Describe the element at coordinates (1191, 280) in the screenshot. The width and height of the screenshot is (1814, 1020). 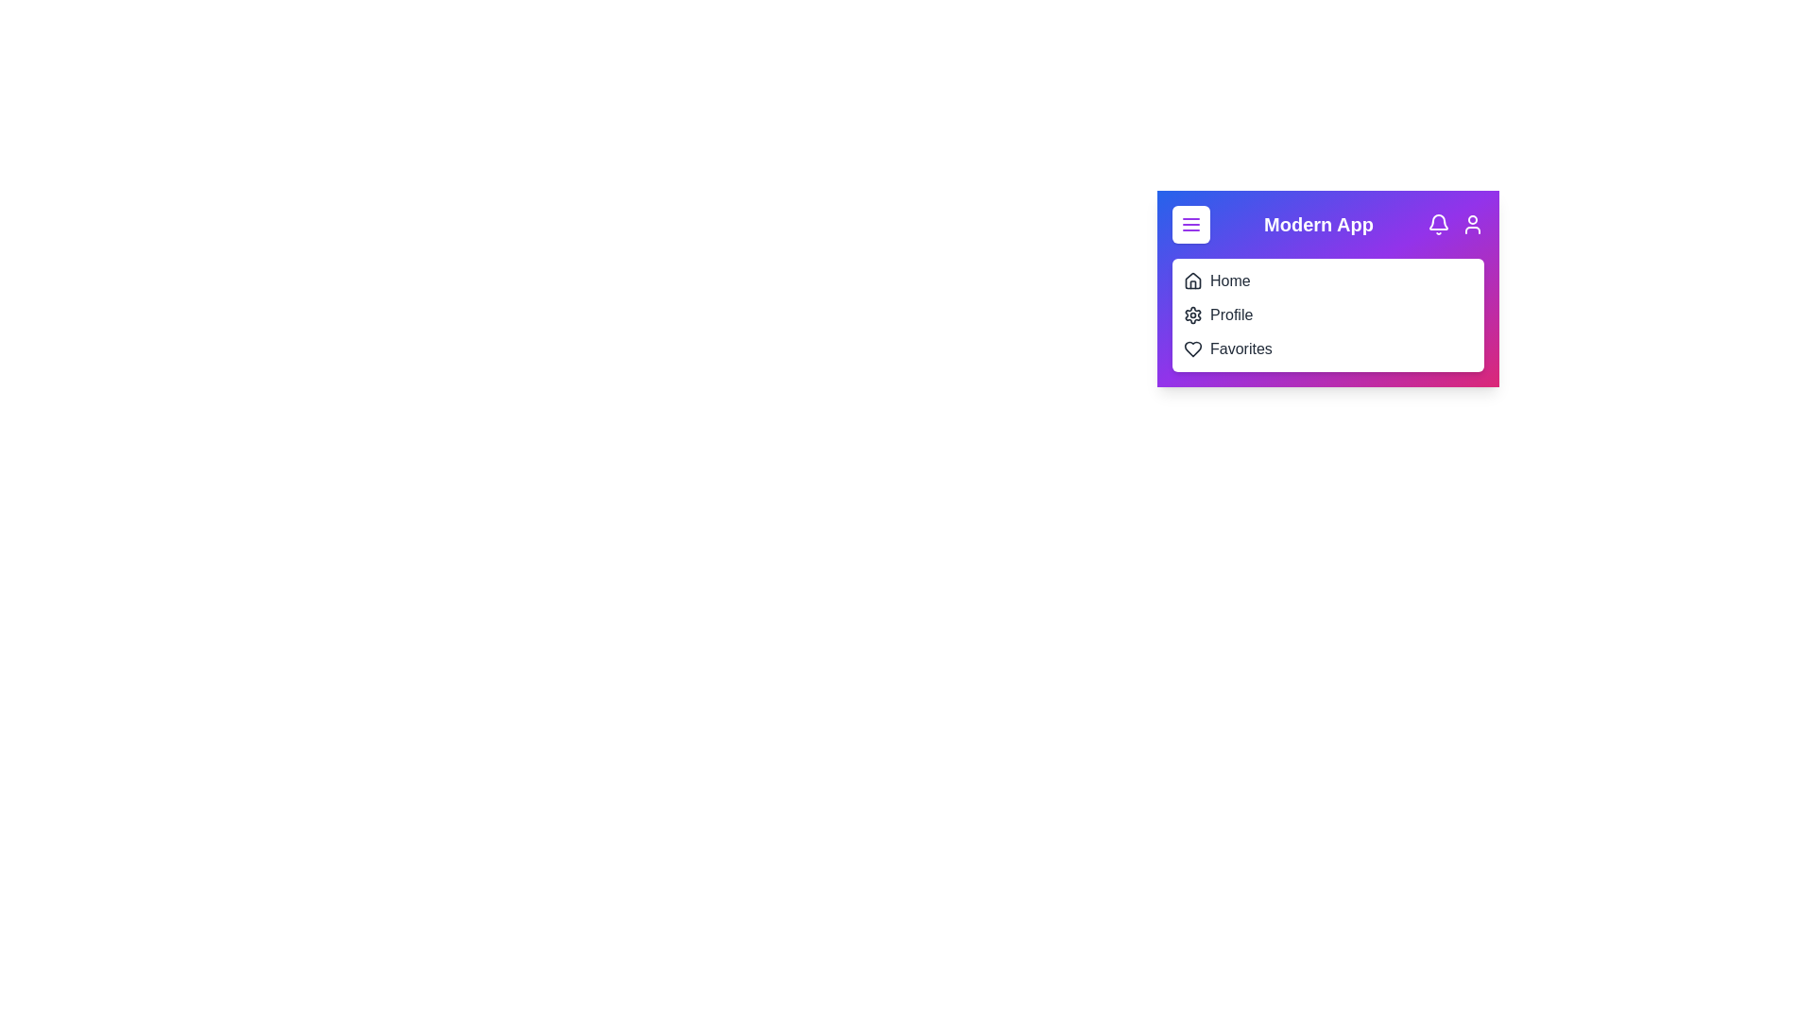
I see `the 'Home' menu item in the ModernAppBar component` at that location.